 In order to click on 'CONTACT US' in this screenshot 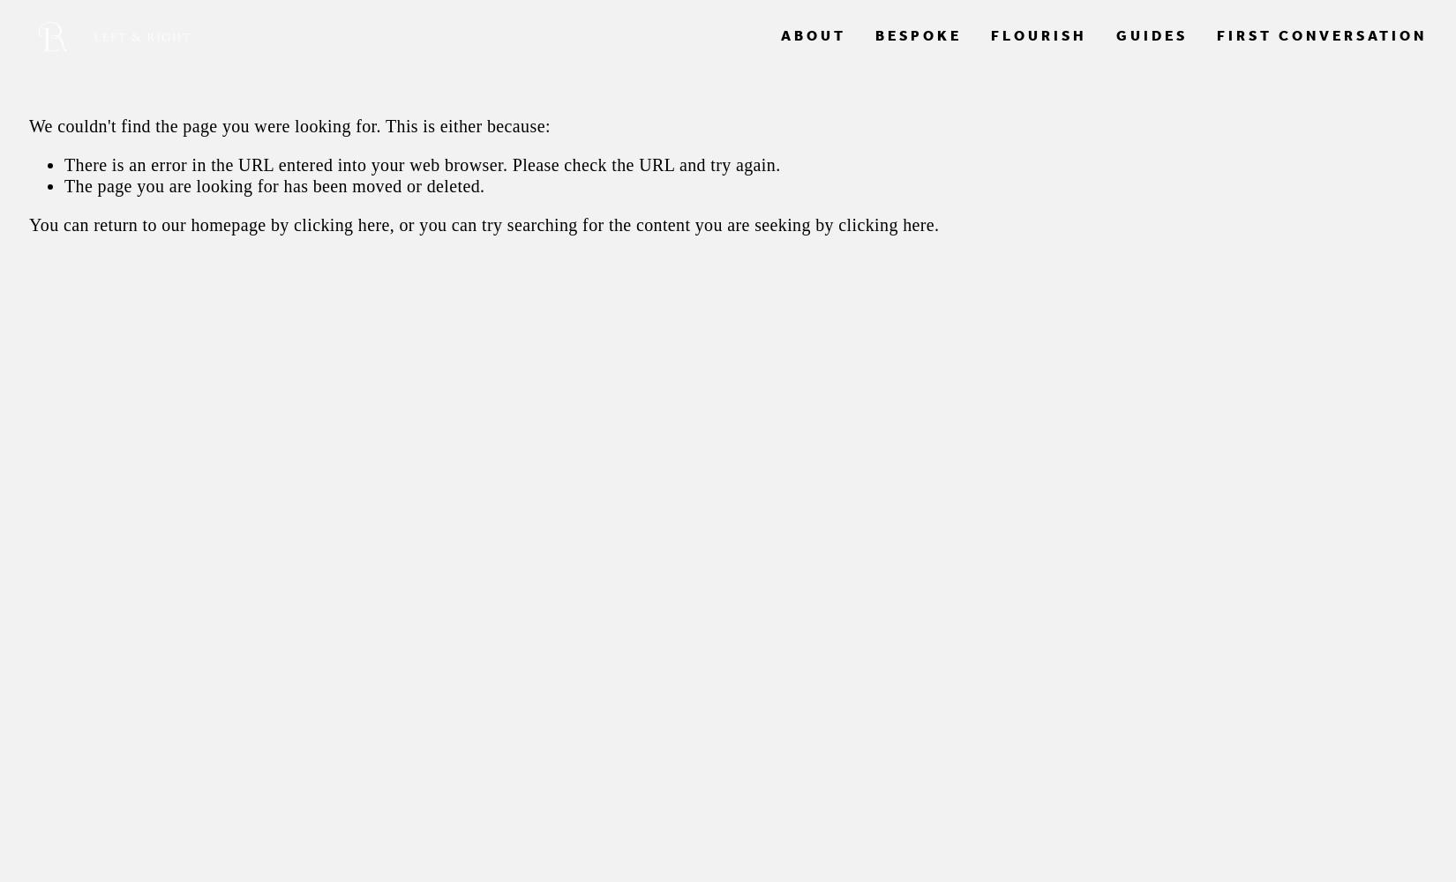, I will do `click(1126, 85)`.